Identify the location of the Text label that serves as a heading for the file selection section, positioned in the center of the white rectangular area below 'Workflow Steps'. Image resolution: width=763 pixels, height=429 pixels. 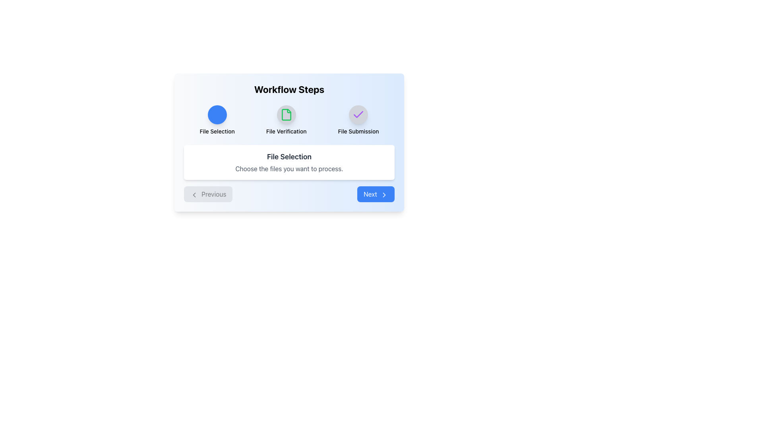
(289, 157).